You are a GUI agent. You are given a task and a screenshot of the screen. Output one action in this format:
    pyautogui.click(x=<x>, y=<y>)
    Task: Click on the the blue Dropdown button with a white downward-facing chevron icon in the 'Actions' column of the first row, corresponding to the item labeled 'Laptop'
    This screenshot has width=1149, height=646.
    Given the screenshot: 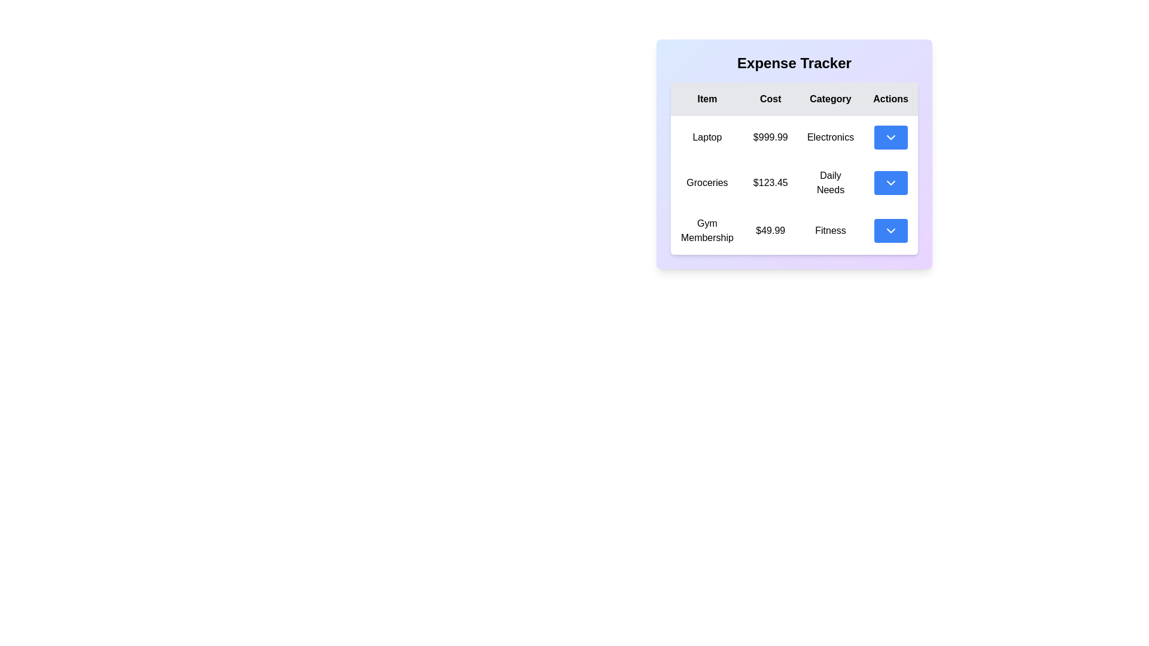 What is the action you would take?
    pyautogui.click(x=890, y=137)
    